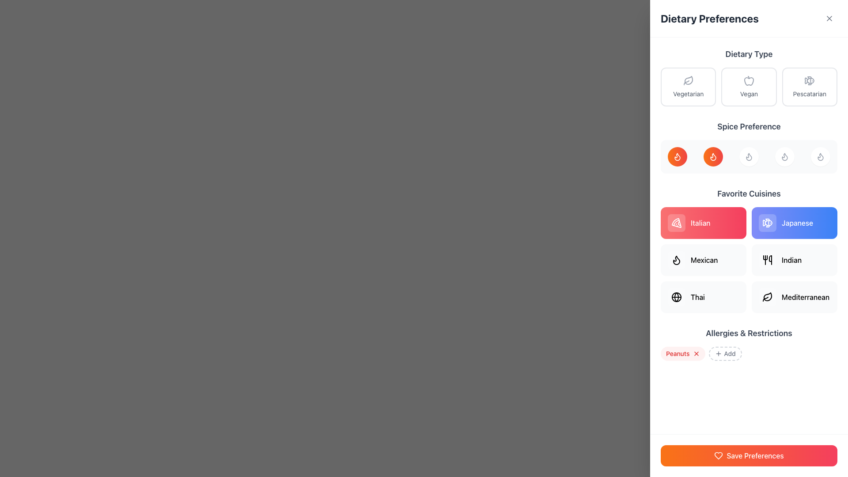  What do you see at coordinates (700, 223) in the screenshot?
I see `the 'Italian' button in the 'Favorite Cuisines' section` at bounding box center [700, 223].